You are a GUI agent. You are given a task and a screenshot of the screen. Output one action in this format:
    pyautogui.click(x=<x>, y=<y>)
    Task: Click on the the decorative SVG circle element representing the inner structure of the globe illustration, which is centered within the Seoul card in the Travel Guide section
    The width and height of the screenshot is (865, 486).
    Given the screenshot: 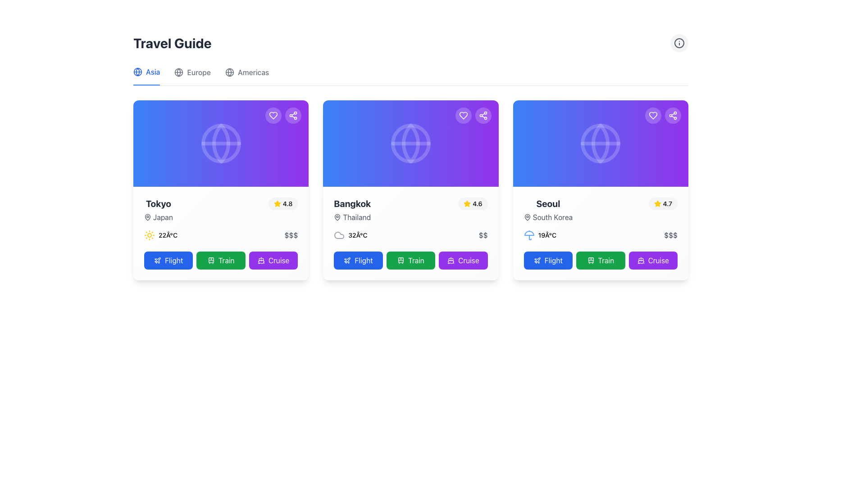 What is the action you would take?
    pyautogui.click(x=601, y=143)
    